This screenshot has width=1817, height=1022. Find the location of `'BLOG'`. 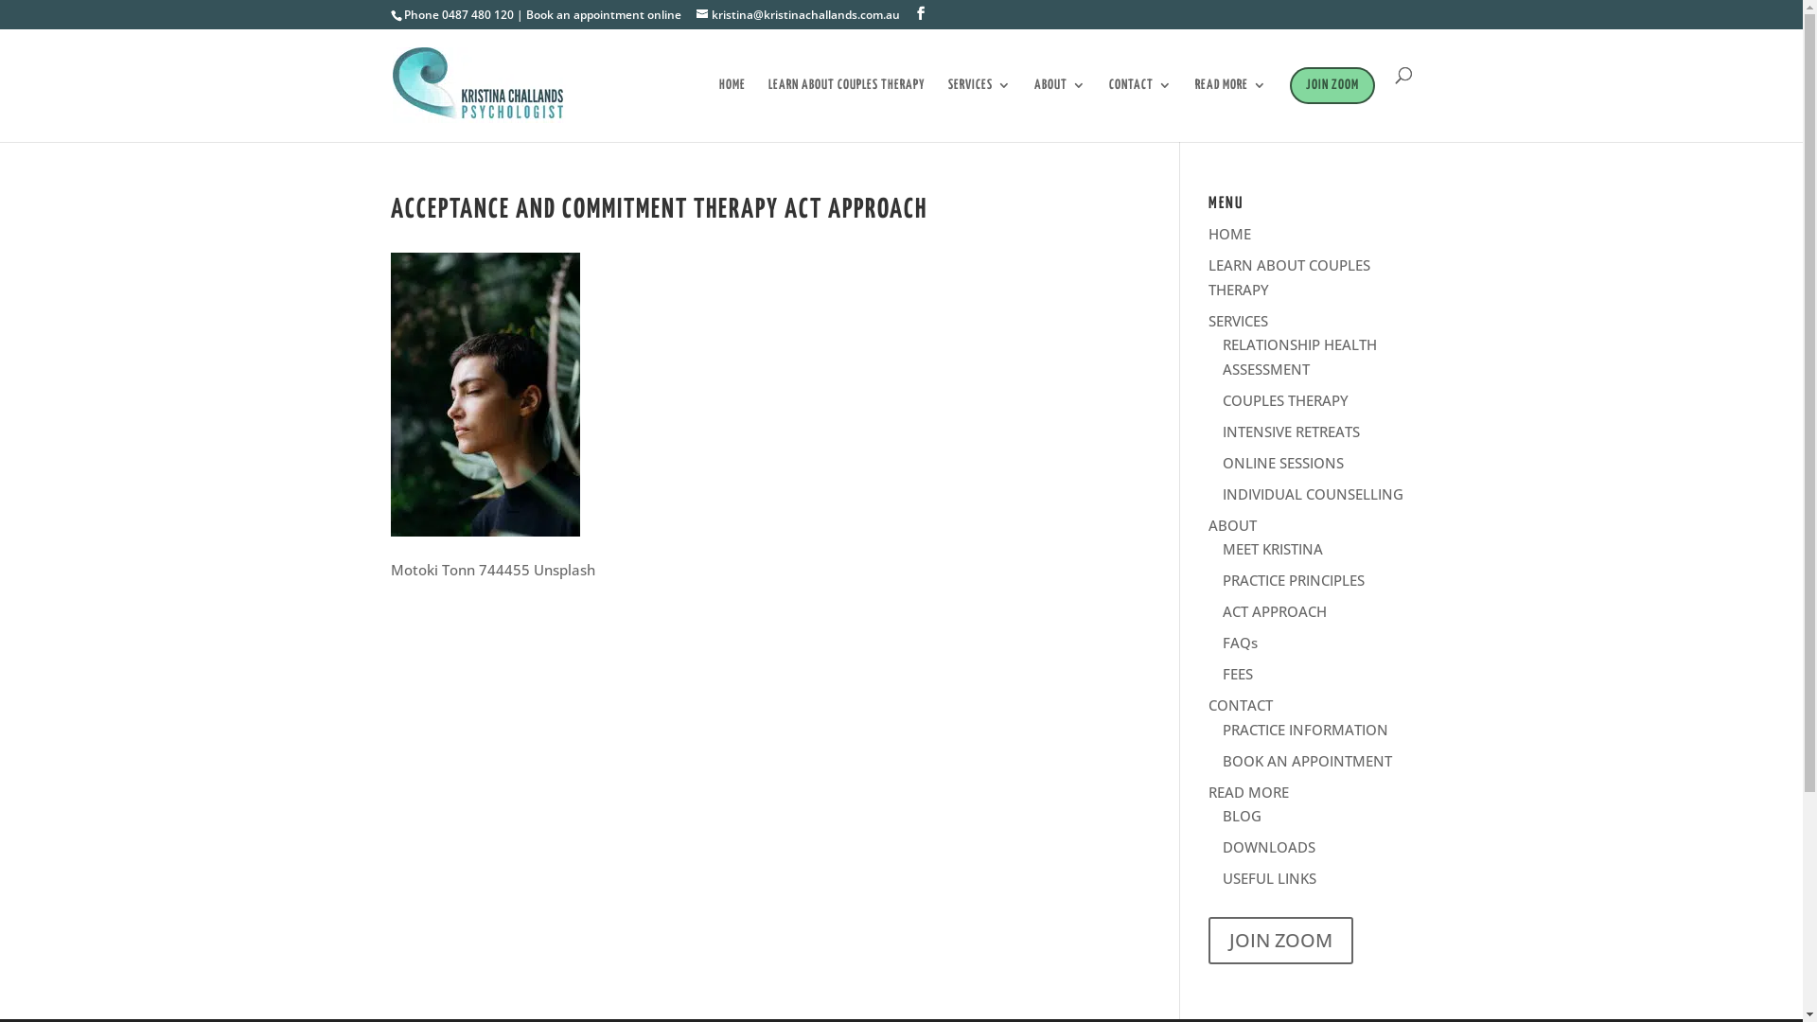

'BLOG' is located at coordinates (1242, 814).